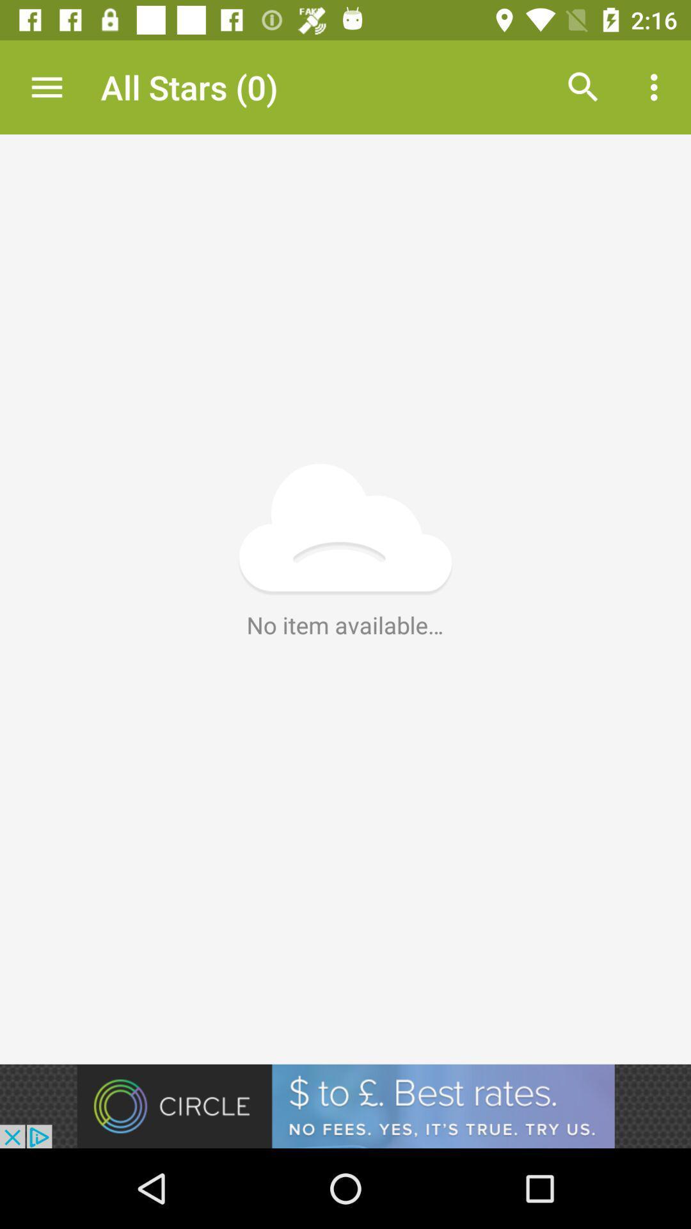  I want to click on advisement, so click(345, 1105).